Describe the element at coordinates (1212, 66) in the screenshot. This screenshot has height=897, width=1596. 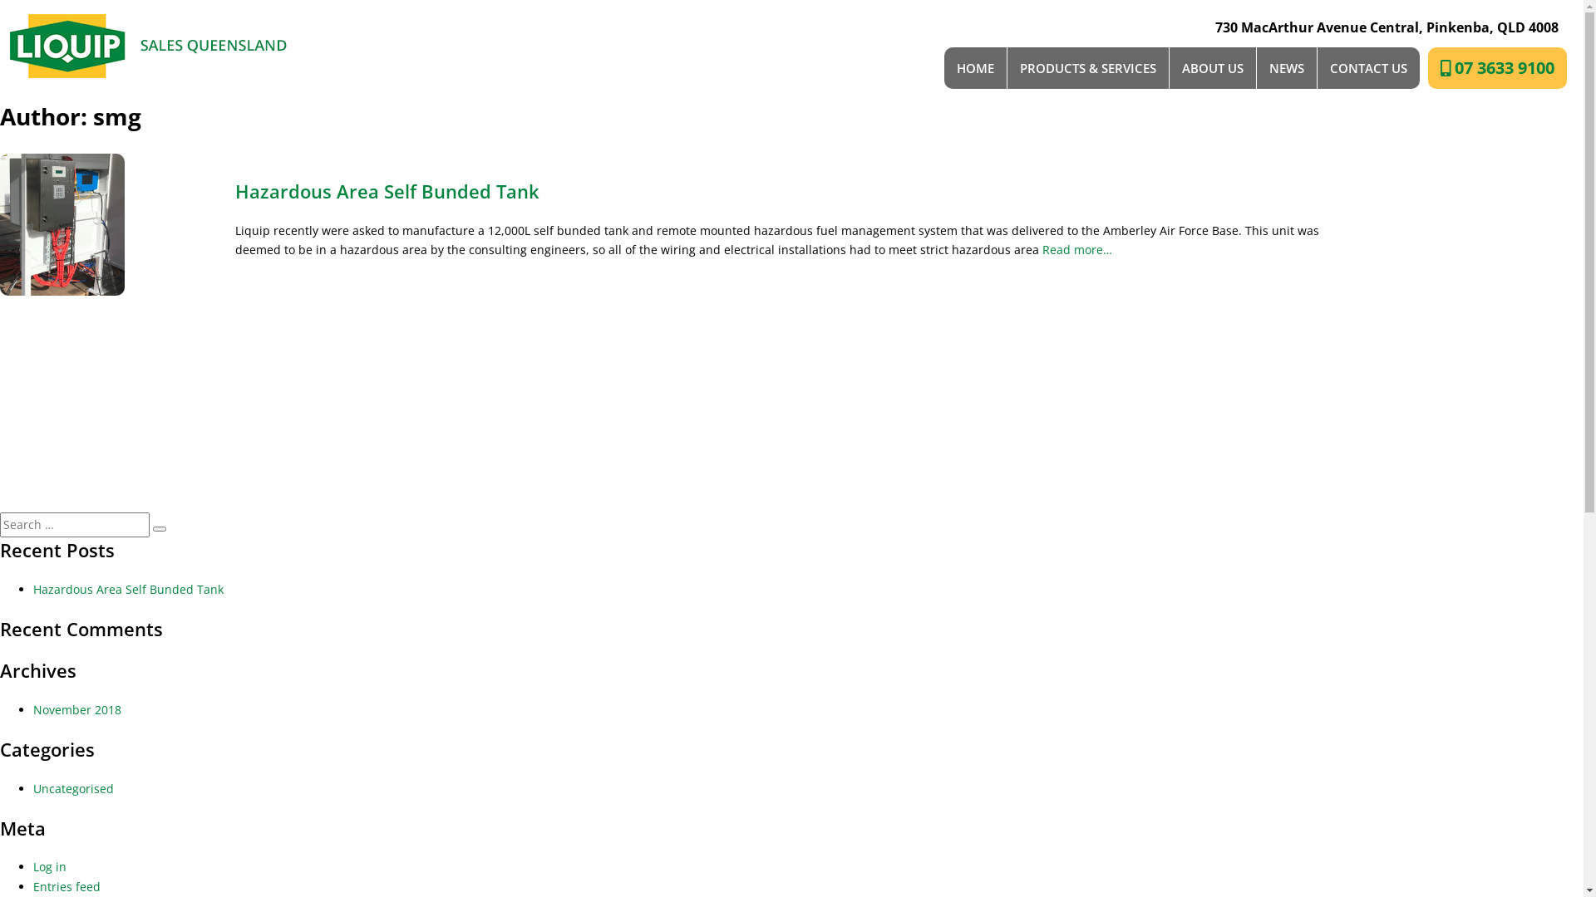
I see `'ABOUT US'` at that location.